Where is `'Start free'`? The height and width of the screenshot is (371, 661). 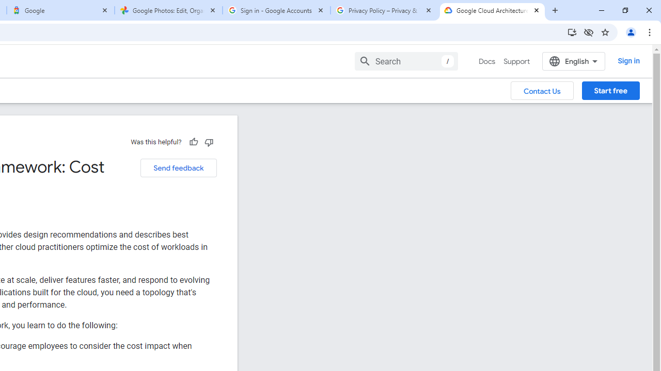
'Start free' is located at coordinates (610, 90).